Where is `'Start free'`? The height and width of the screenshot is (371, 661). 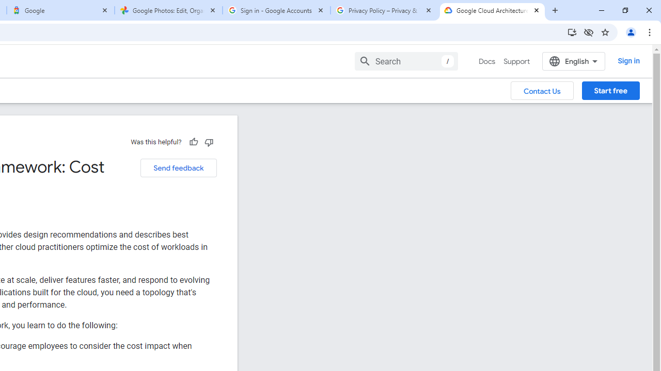
'Start free' is located at coordinates (610, 90).